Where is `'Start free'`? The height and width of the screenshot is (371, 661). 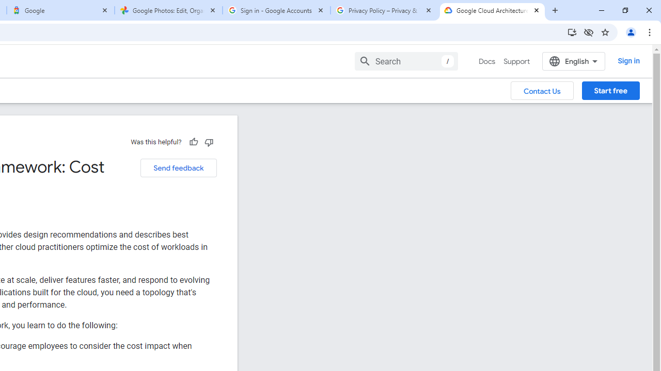
'Start free' is located at coordinates (610, 90).